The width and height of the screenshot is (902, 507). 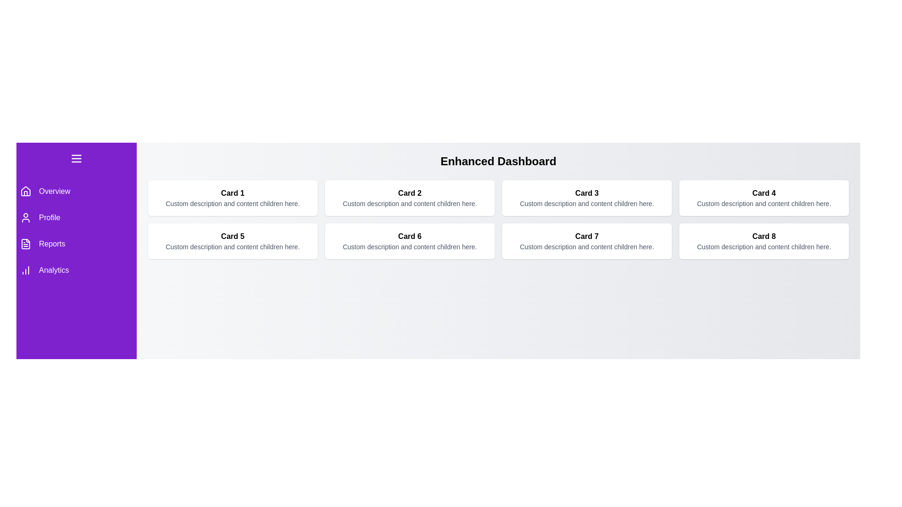 I want to click on the menu item Reports to highlight it, so click(x=77, y=244).